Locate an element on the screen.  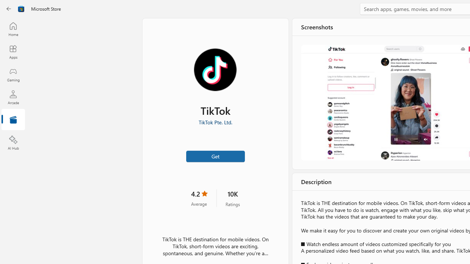
'Arcade' is located at coordinates (13, 97).